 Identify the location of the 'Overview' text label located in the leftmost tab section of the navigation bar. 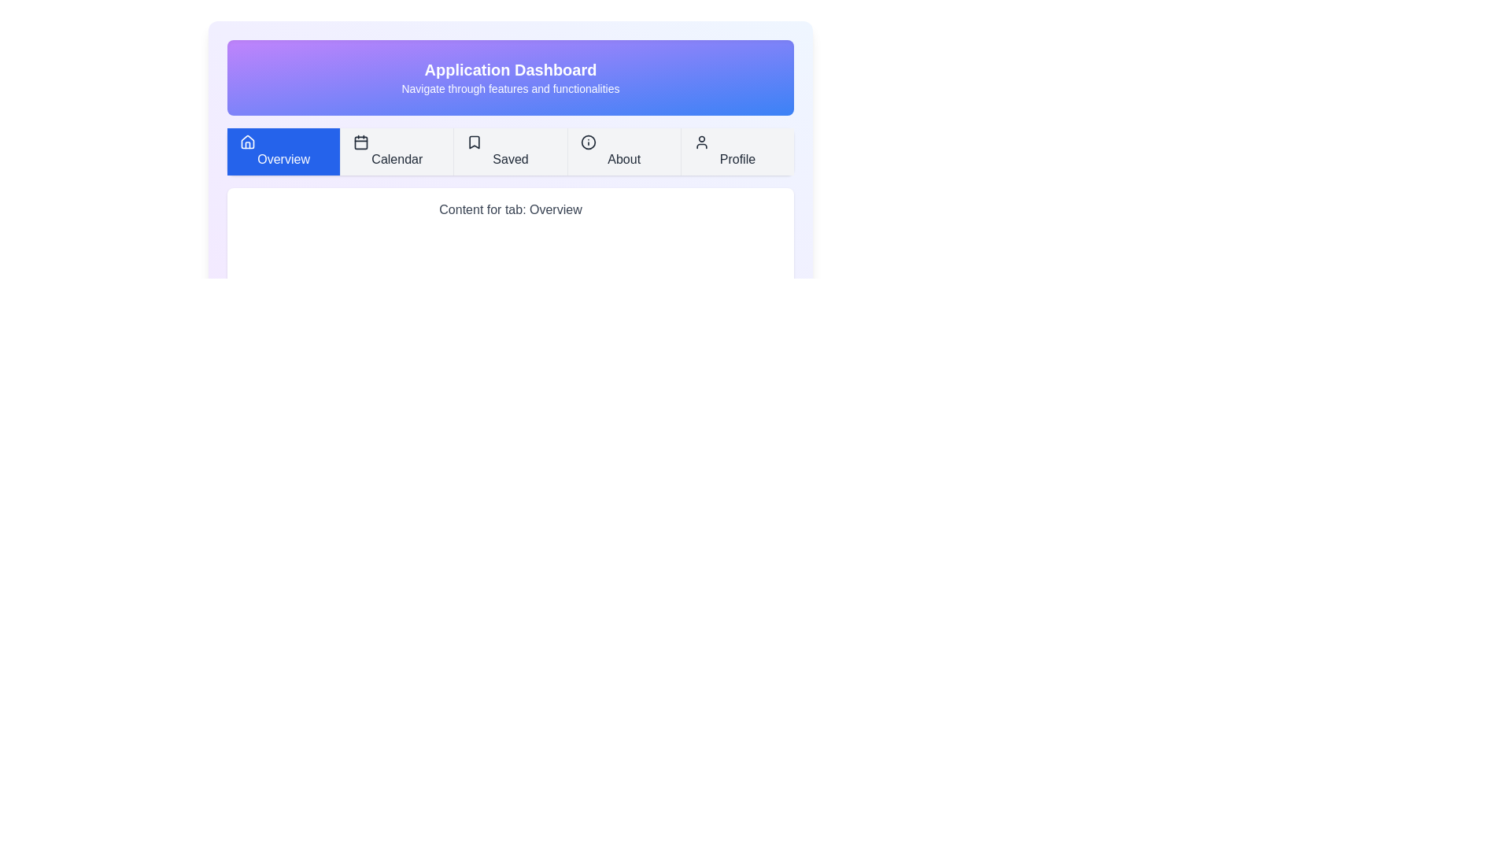
(283, 159).